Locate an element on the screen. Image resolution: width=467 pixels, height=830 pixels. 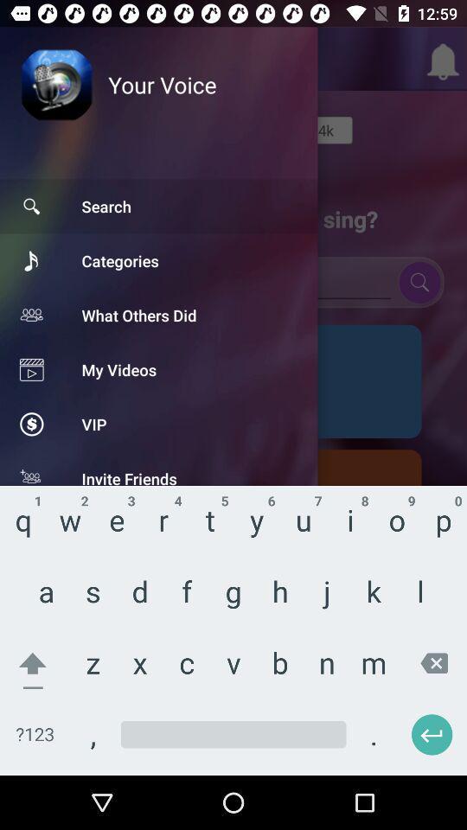
the last  four alphabets in the second row of the key board is located at coordinates (329, 597).